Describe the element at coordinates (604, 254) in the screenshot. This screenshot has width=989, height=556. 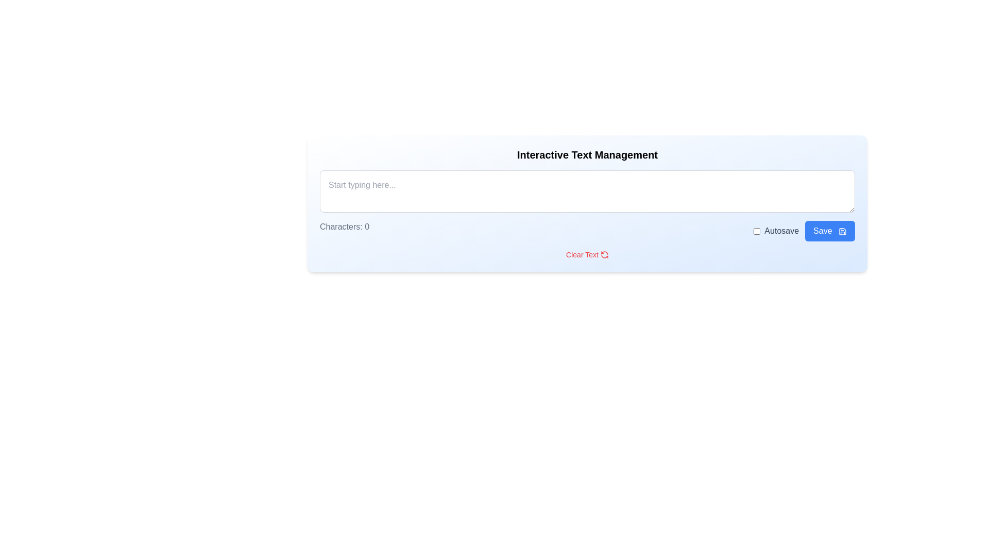
I see `the circular, red arrow-like icon indicating refresh functionality, located next to the 'Clear Text' label` at that location.